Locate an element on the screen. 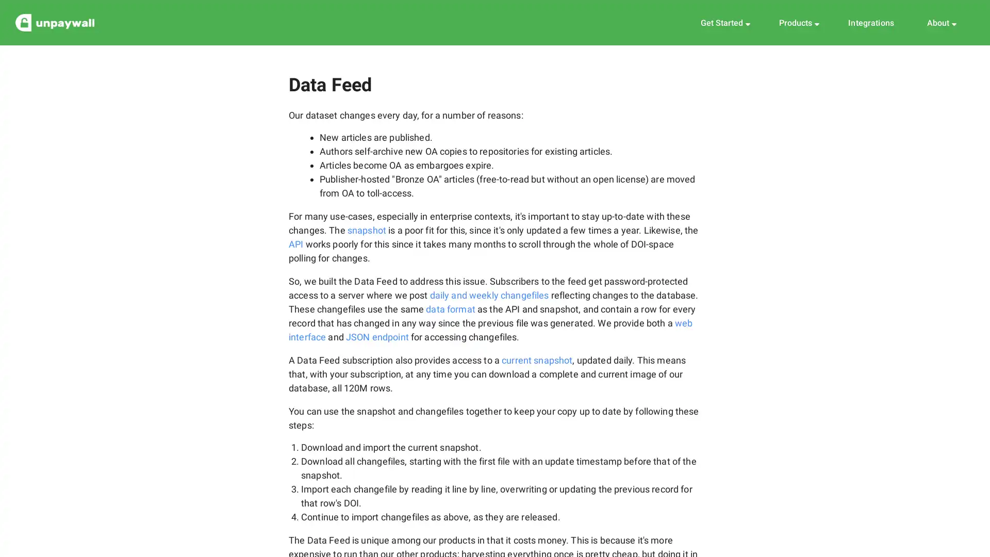  Get Started is located at coordinates (724, 22).